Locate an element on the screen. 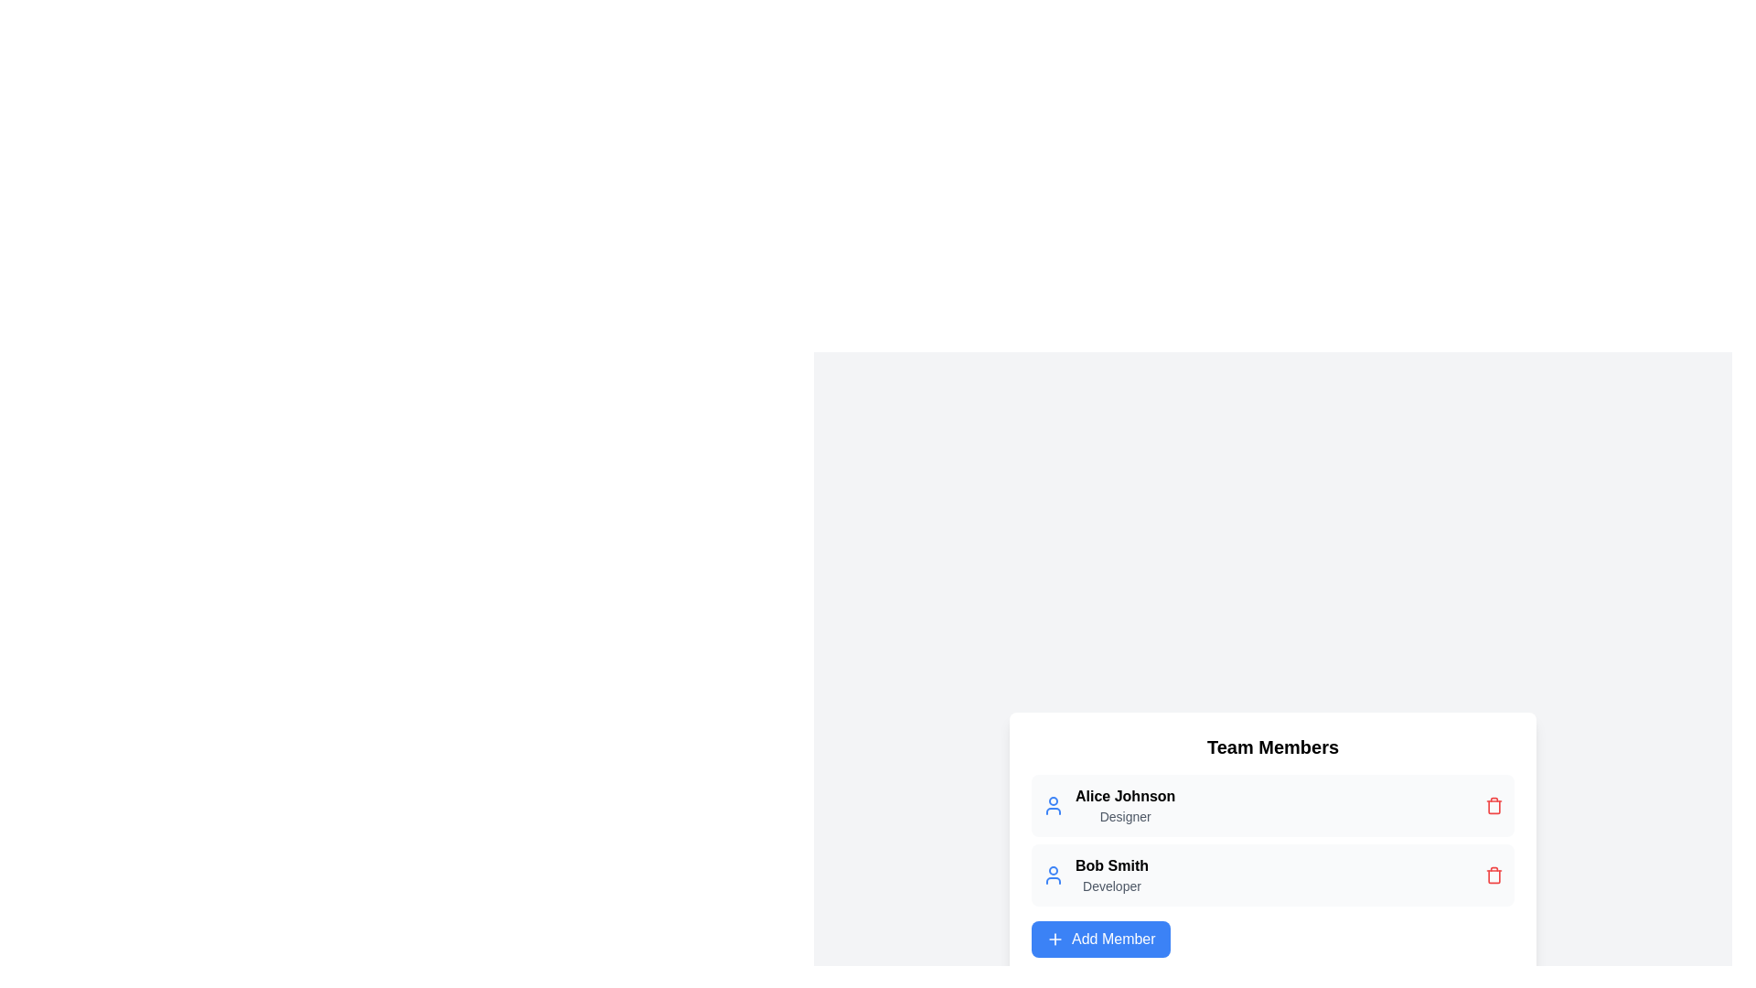 The height and width of the screenshot is (988, 1756). displayed information from the list item for team member 'Bob Smith', which includes his name and title as 'Developer' is located at coordinates (1272, 874).